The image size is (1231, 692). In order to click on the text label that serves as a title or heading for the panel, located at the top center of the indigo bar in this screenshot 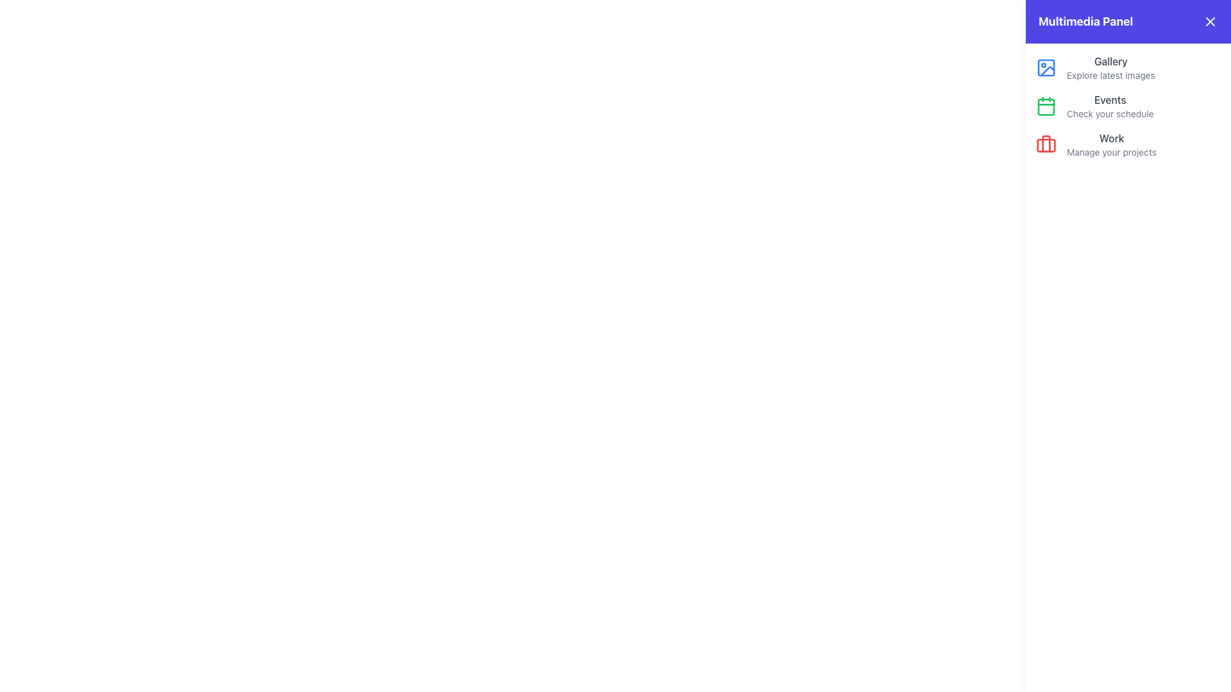, I will do `click(1085, 22)`.